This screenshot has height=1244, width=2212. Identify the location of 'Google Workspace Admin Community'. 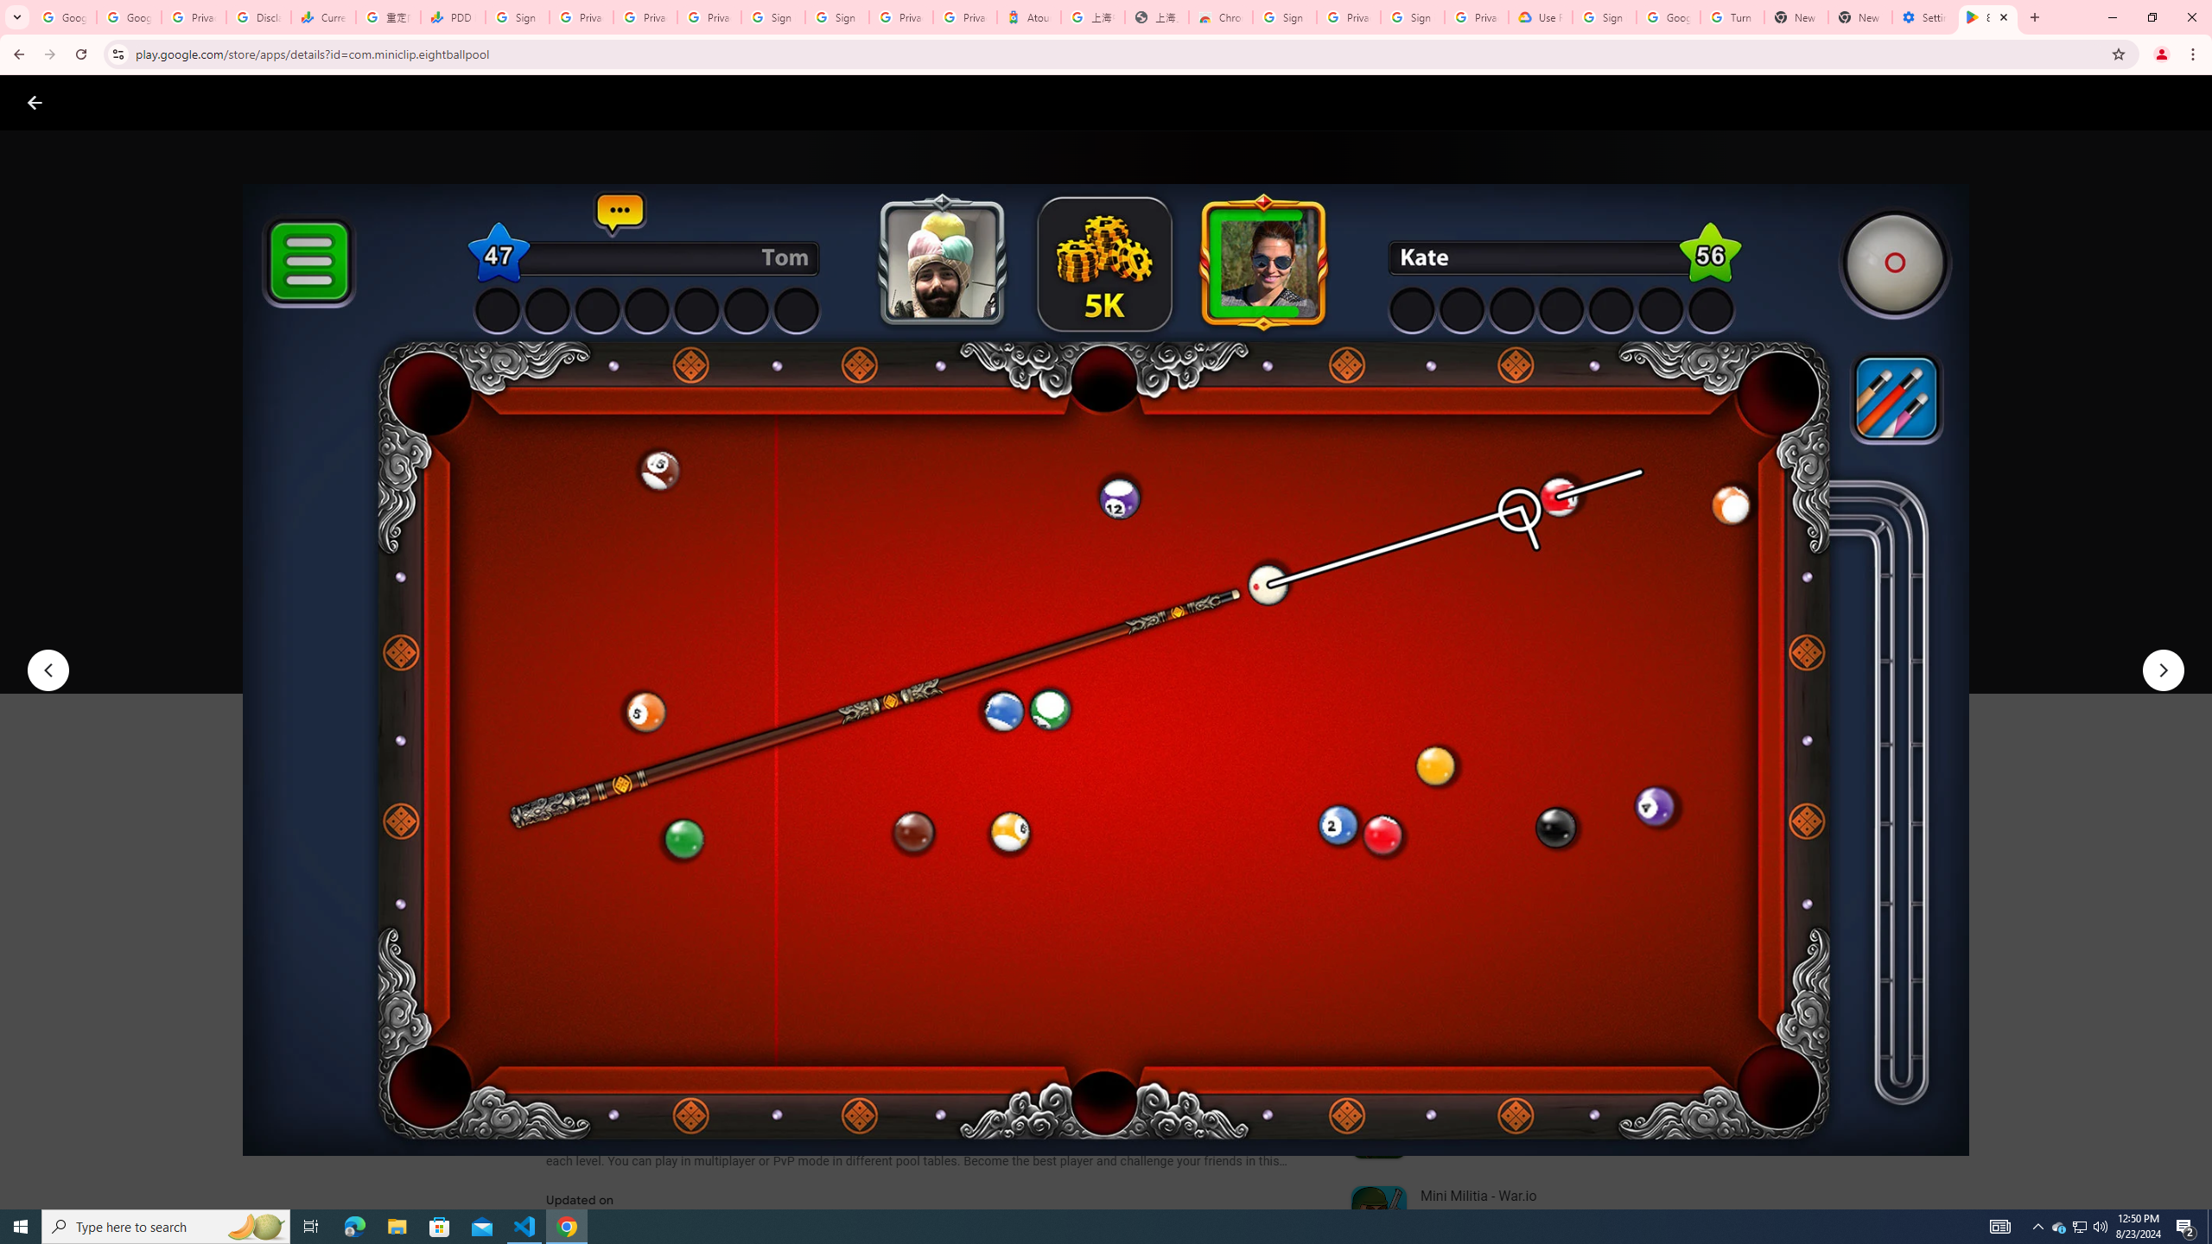
(63, 16).